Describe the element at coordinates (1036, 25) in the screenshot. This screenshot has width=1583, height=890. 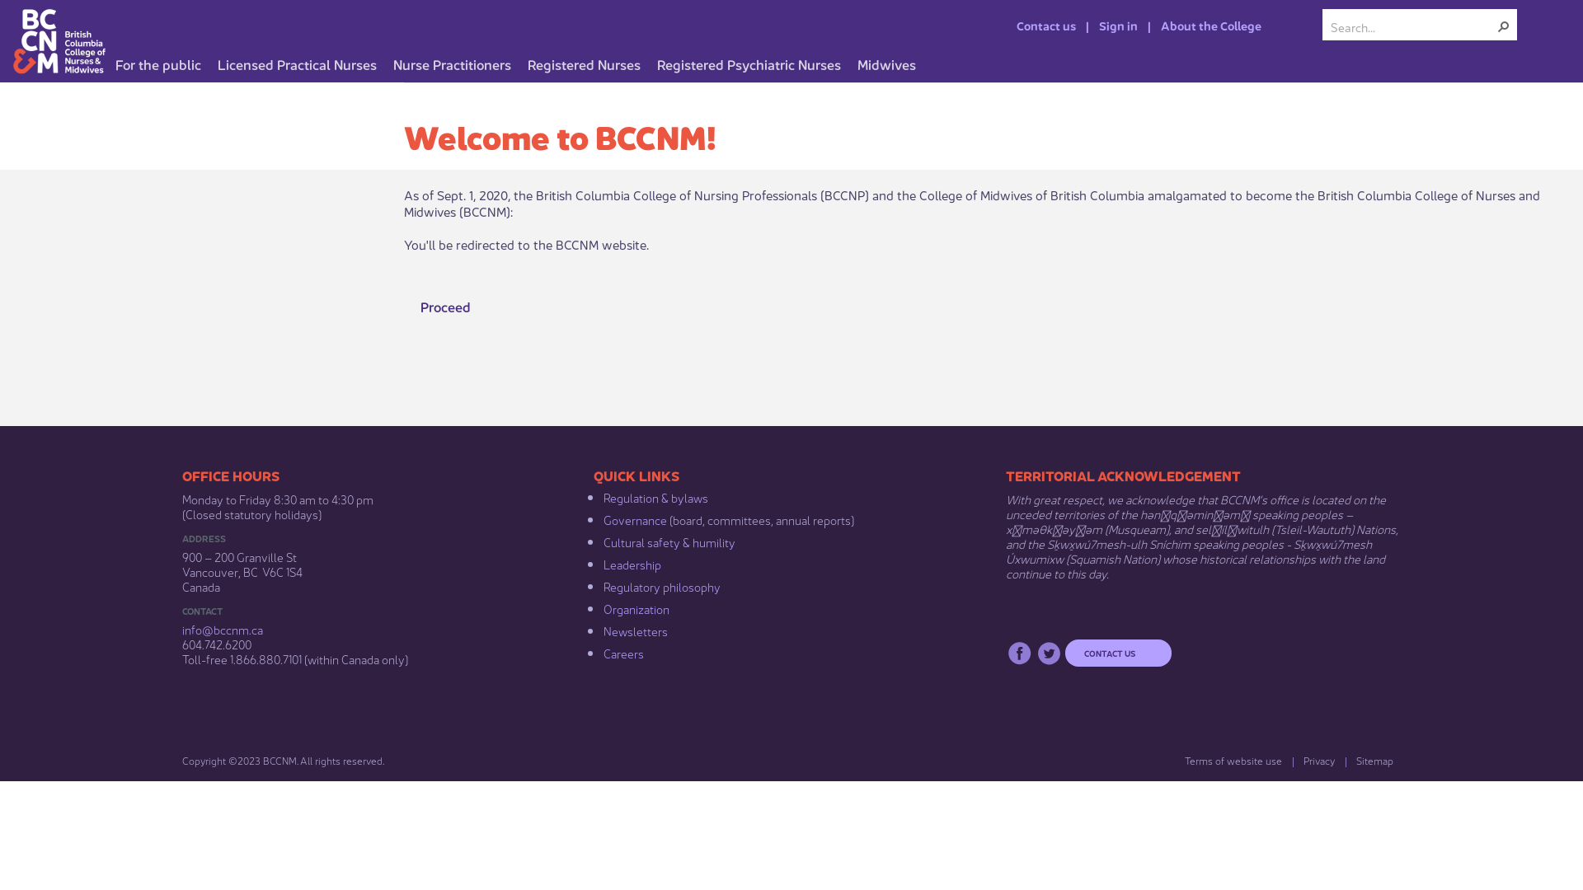
I see `'Contact us'` at that location.